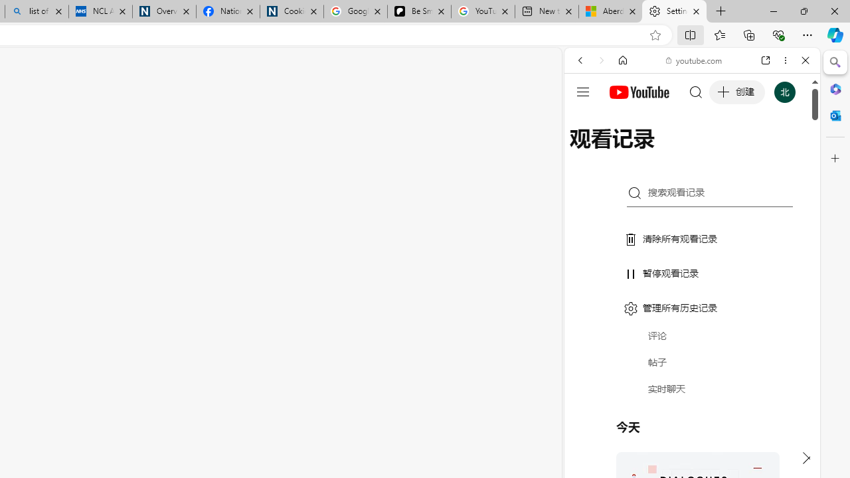  Describe the element at coordinates (622, 60) in the screenshot. I see `'Home'` at that location.